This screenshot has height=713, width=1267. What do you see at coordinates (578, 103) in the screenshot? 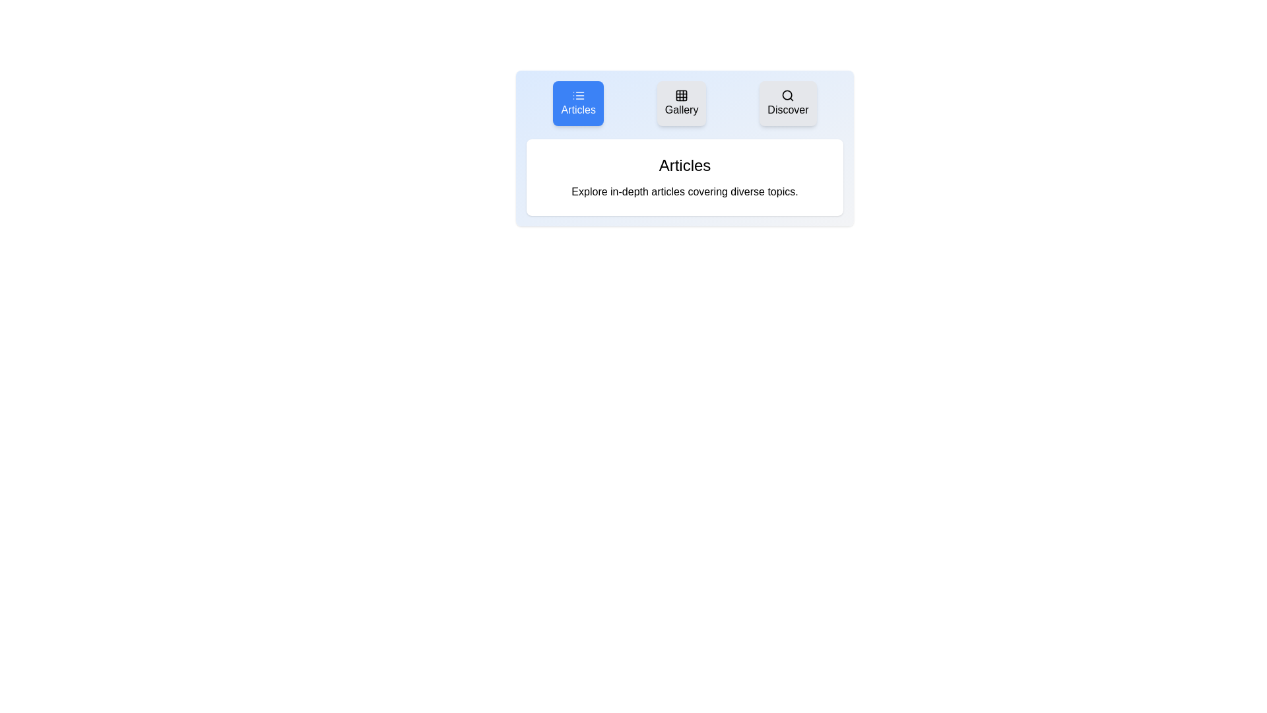
I see `the tab labeled Articles to view its content` at bounding box center [578, 103].